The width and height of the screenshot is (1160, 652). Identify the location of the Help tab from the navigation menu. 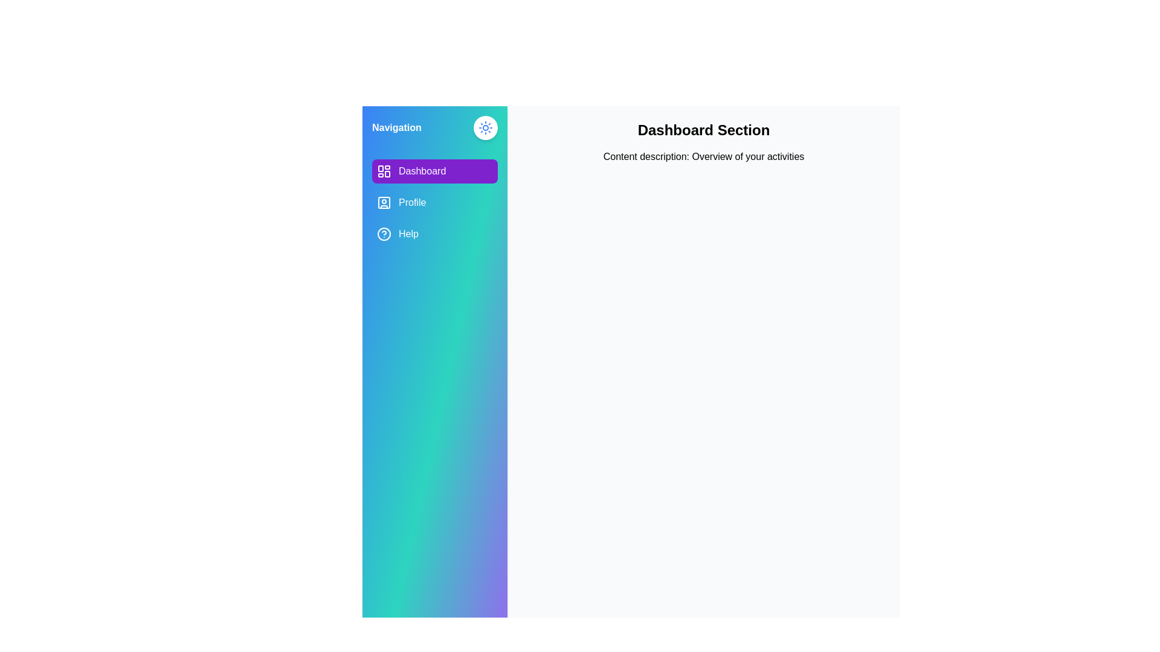
(435, 234).